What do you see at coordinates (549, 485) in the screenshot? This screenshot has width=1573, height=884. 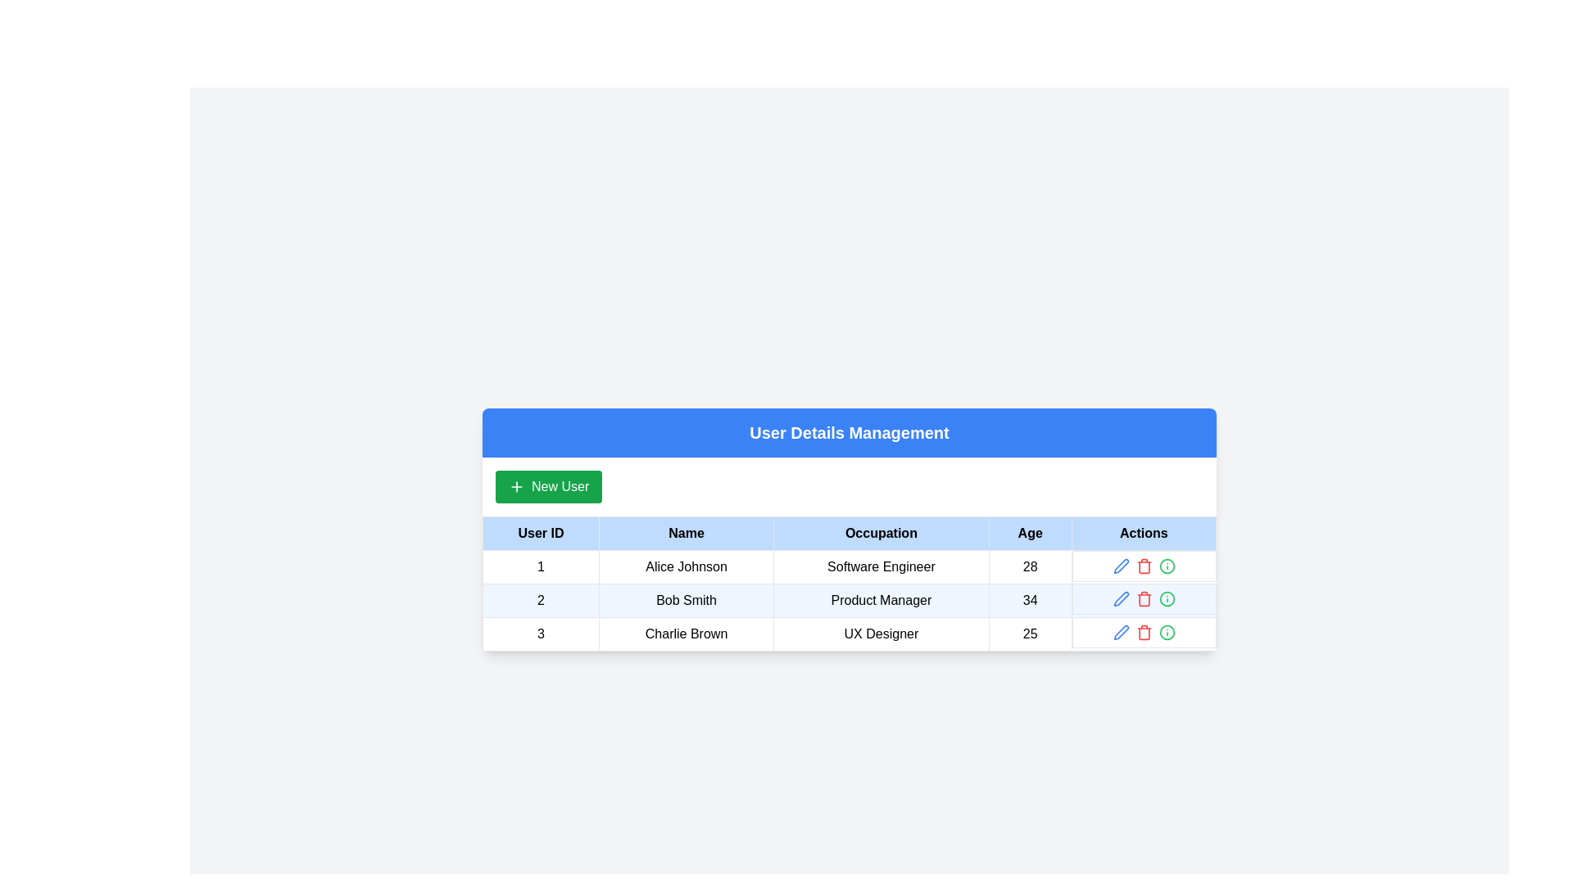 I see `the 'New User' button` at bounding box center [549, 485].